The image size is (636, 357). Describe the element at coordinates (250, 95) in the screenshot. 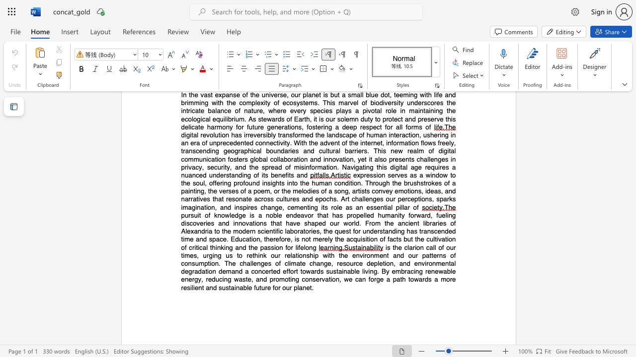

I see `the subset text "the universe, our planet is but a small blue dot, teeming with life and brimming with the complexity of ecosystems. This marvel of biodiversity underscores the intricate balance" within the text "In the vast expanse of the universe, our planet is but a small blue dot, teeming with life and brimming with the complexity of ecosystems. This marvel of biodiversity underscores the intricate balance of nature, where every species plays a pivotal role in"` at that location.